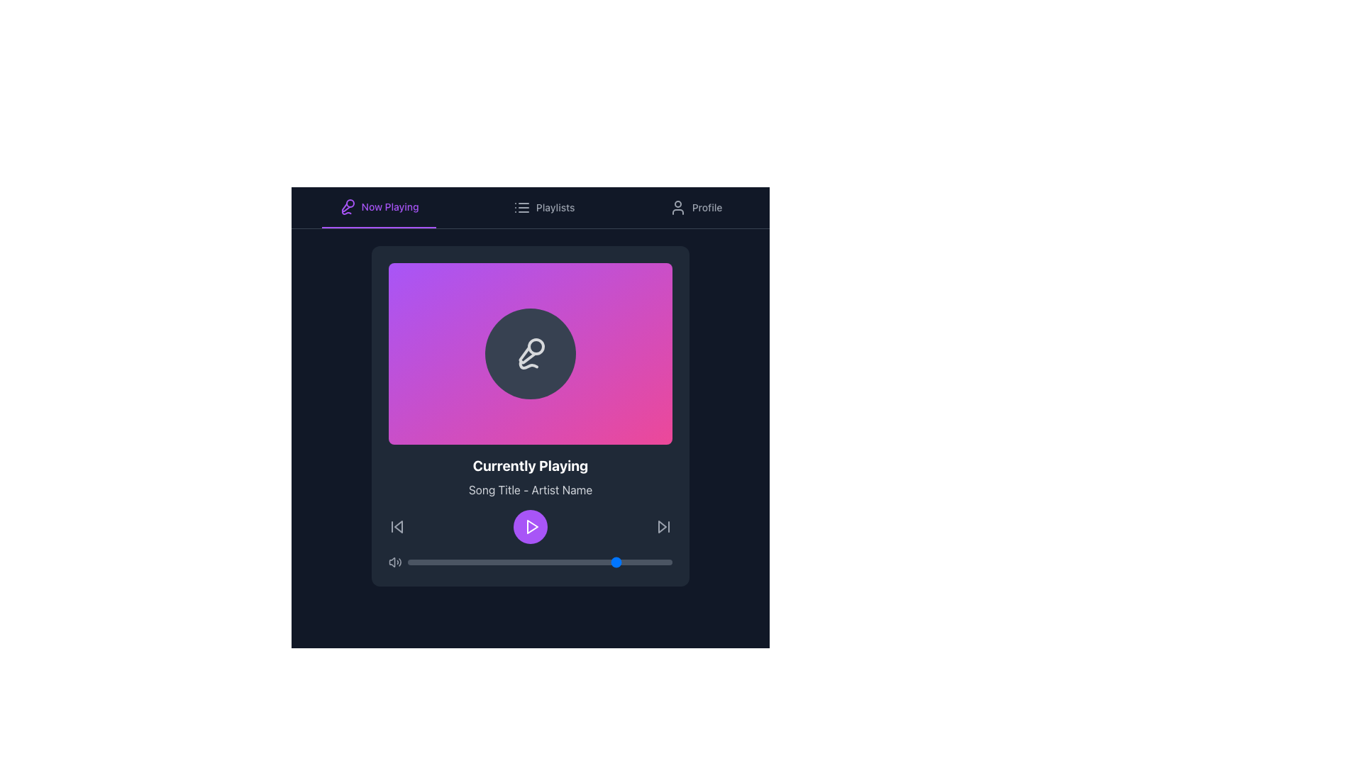 Image resolution: width=1362 pixels, height=766 pixels. I want to click on the leftmost trapezoid-shaped SVG element of the speaker volume control icon located at the bottom left of the media playback panel, so click(392, 562).